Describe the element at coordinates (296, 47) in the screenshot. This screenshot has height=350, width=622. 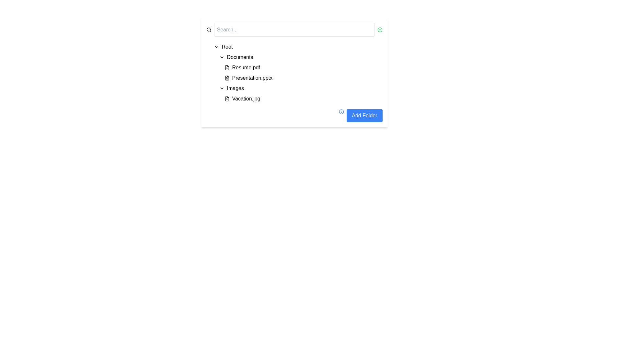
I see `the 'Root' button with dropdown functionality` at that location.